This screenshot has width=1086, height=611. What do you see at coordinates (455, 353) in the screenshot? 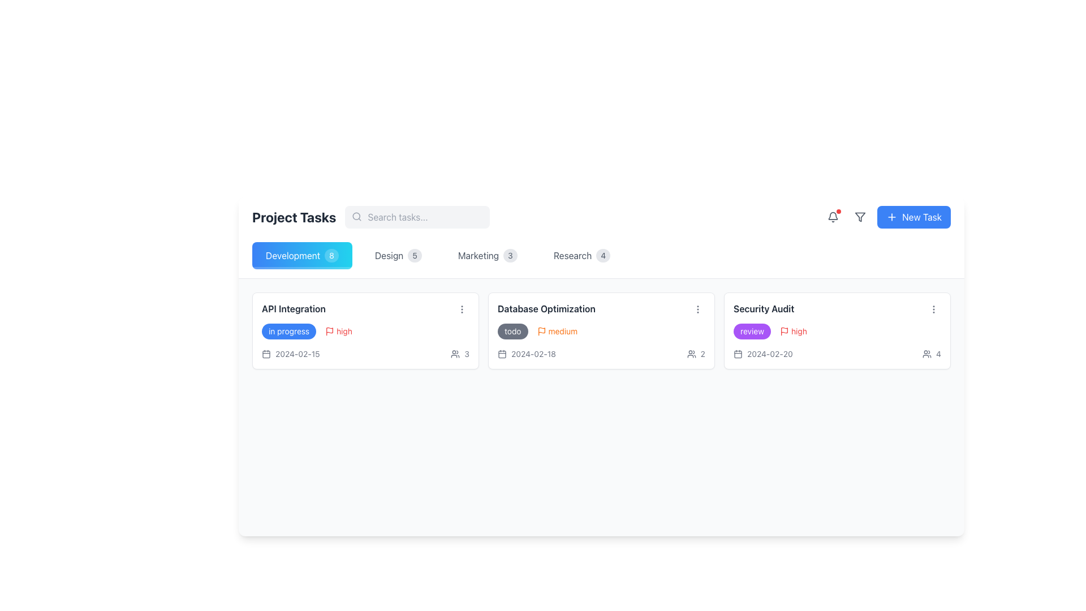
I see `the collaboration icon located in the top right corner of the task interface, adjacent to the numeric text element '3'` at bounding box center [455, 353].